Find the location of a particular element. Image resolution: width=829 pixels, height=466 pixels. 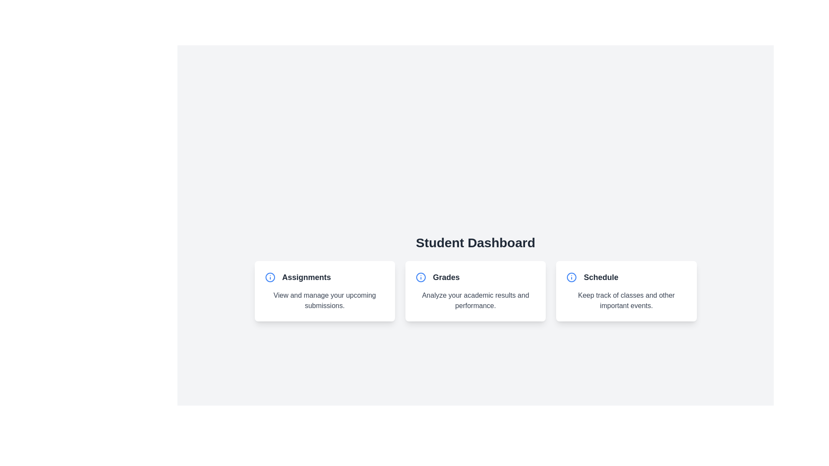

description text block located at the bottom of the 'Schedule' card, which provides a brief summary of the 'Schedule' feature's utility for users is located at coordinates (626, 300).